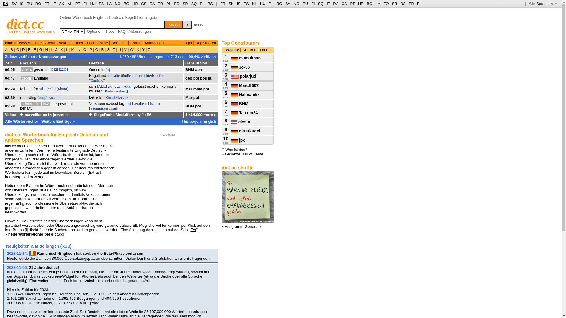  I want to click on 'MarcB307', so click(245, 85).